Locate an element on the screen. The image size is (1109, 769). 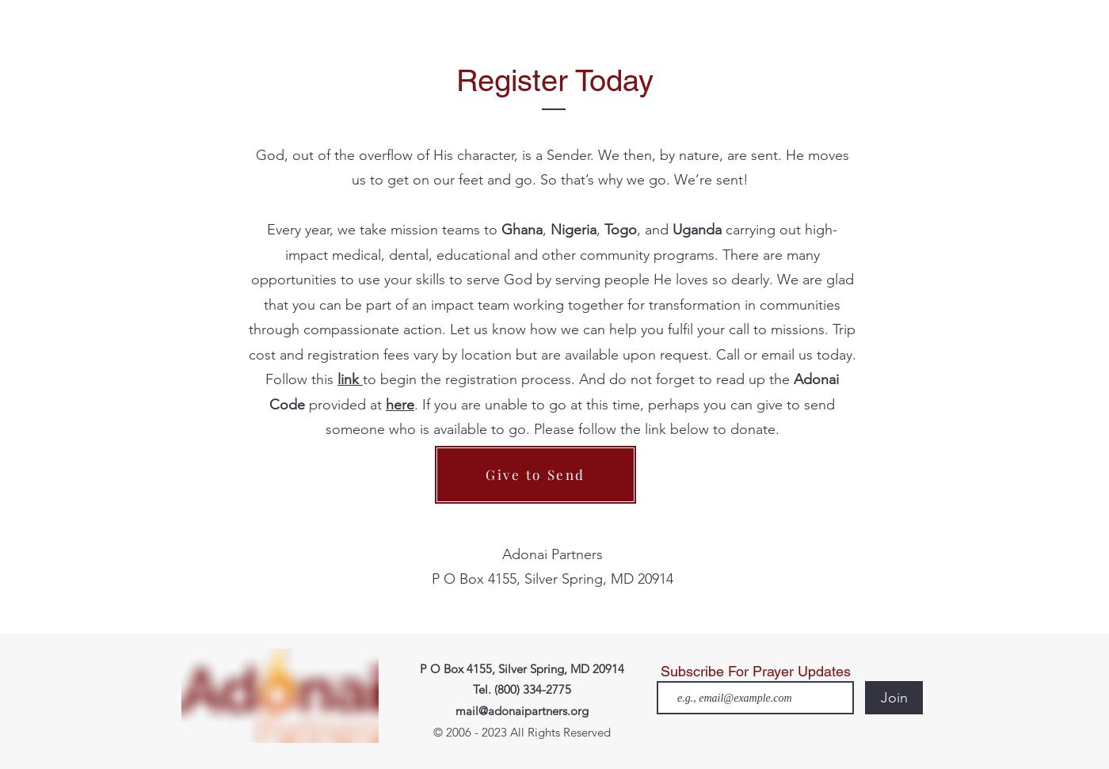
'Give to Send' is located at coordinates (535, 474).